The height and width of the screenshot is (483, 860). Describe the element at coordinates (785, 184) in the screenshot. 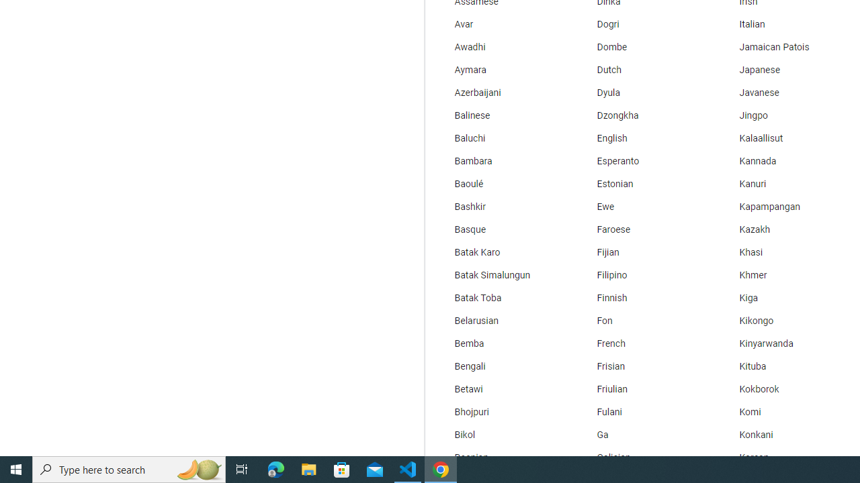

I see `'Kanuri'` at that location.